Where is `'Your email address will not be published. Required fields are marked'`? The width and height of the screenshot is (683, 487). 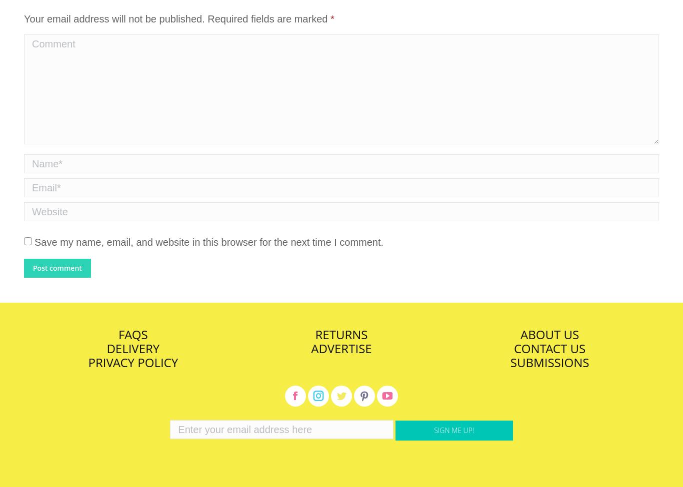 'Your email address will not be published. Required fields are marked' is located at coordinates (176, 19).